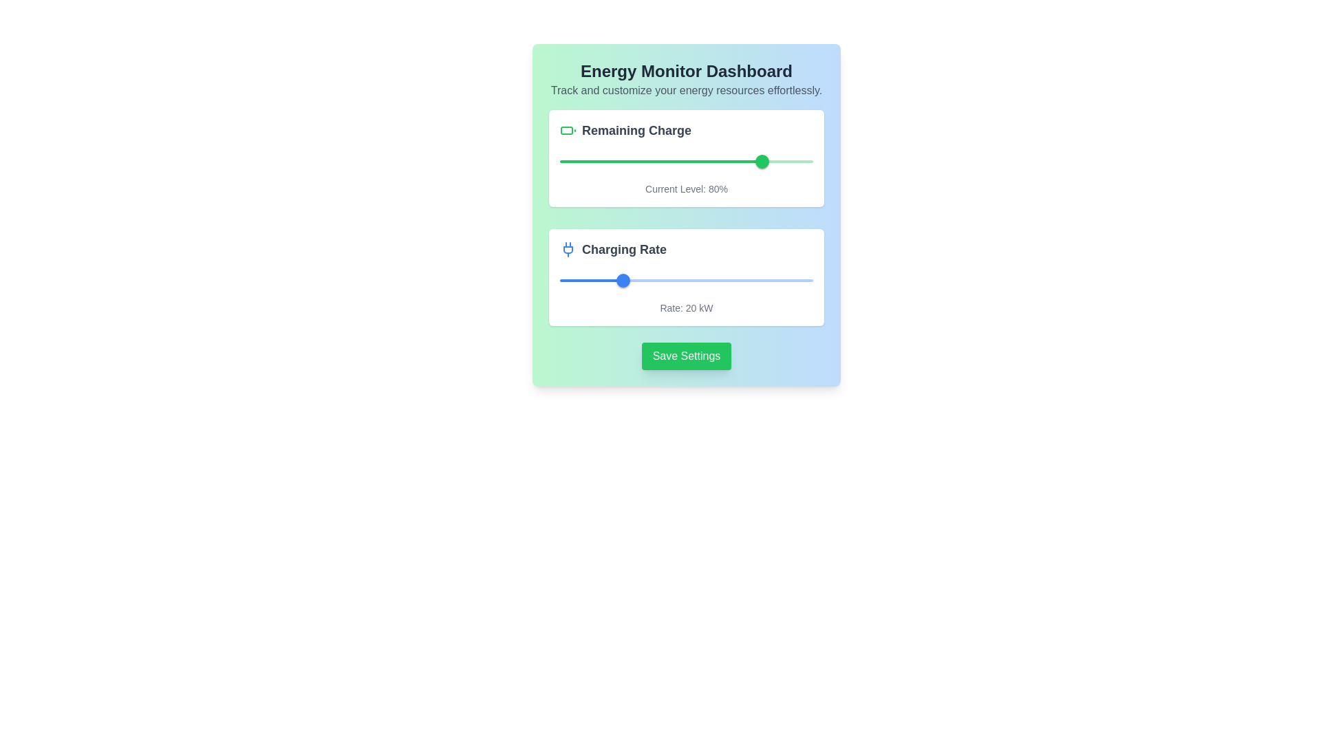  Describe the element at coordinates (643, 161) in the screenshot. I see `slider value` at that location.